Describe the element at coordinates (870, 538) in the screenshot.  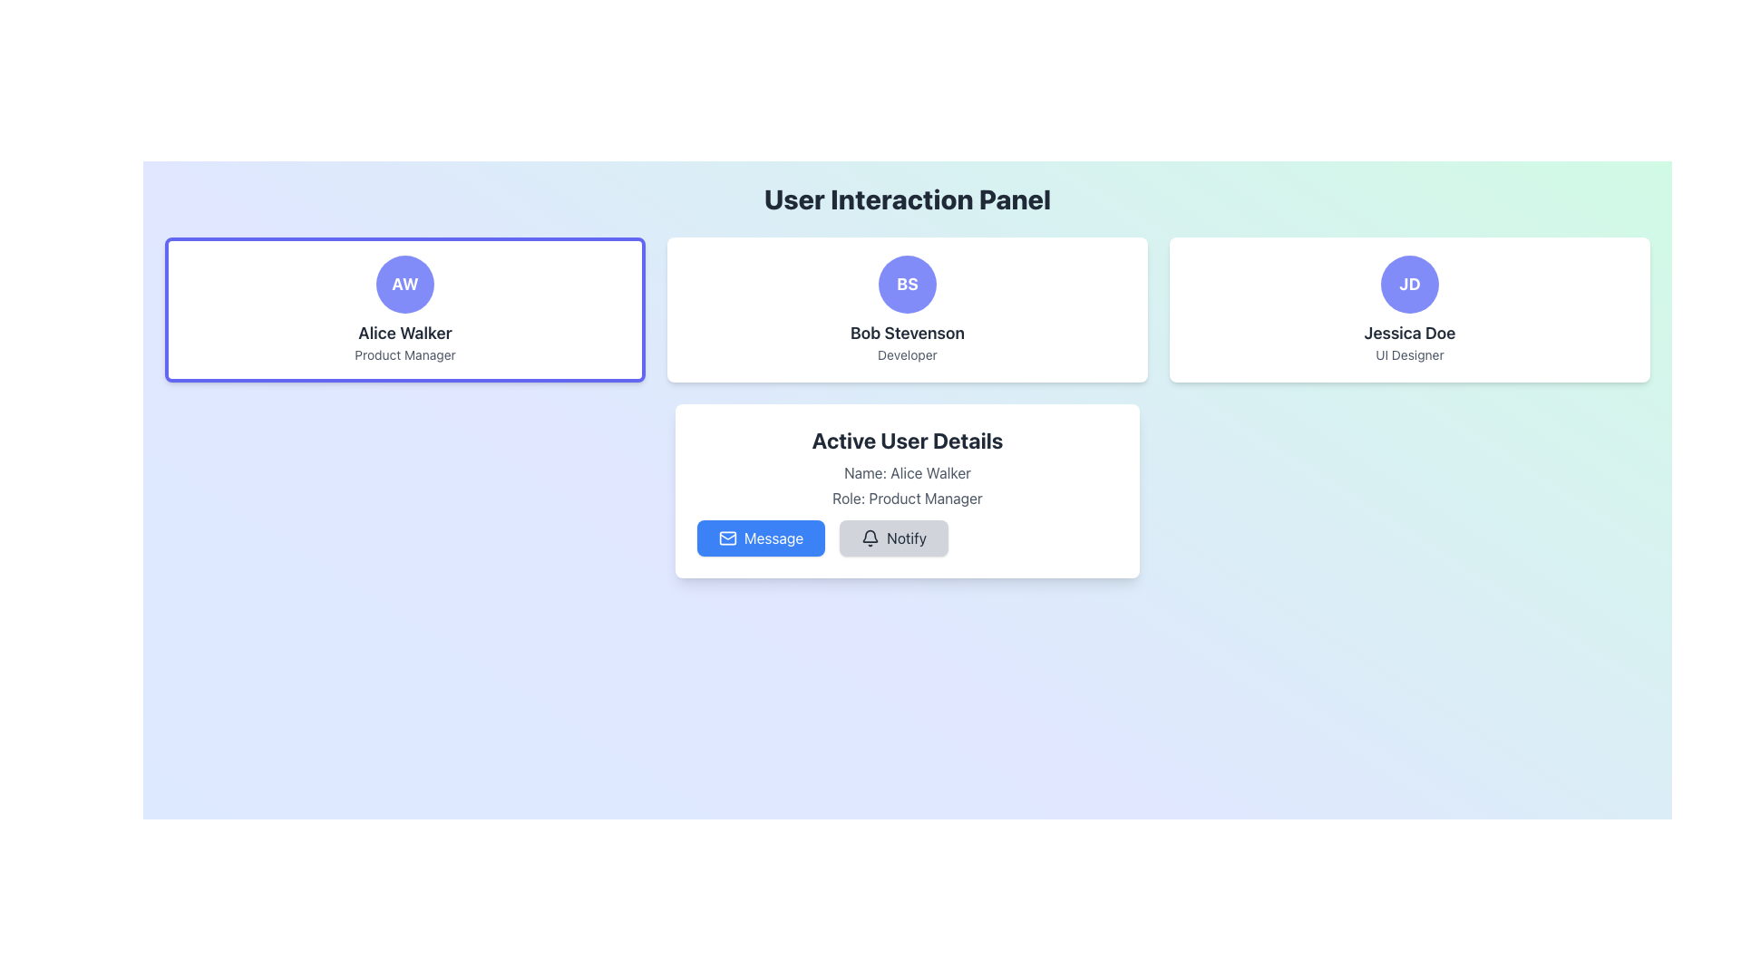
I see `the bell-shaped notification icon located to the left of the 'Notify' text within the rounded rectangular button` at that location.